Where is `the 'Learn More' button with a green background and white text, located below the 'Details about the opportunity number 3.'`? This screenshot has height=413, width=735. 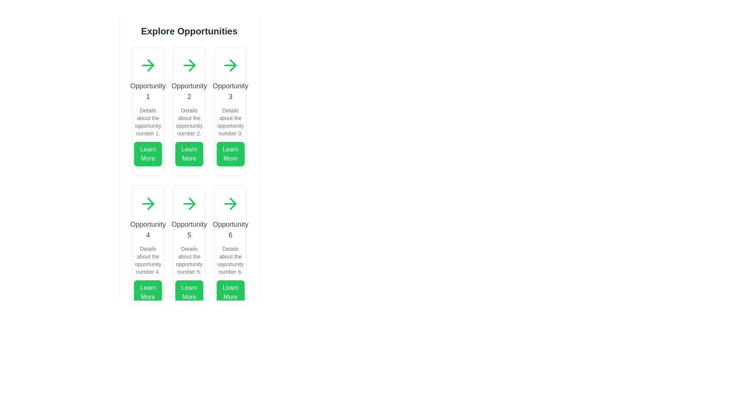
the 'Learn More' button with a green background and white text, located below the 'Details about the opportunity number 3.' is located at coordinates (230, 154).